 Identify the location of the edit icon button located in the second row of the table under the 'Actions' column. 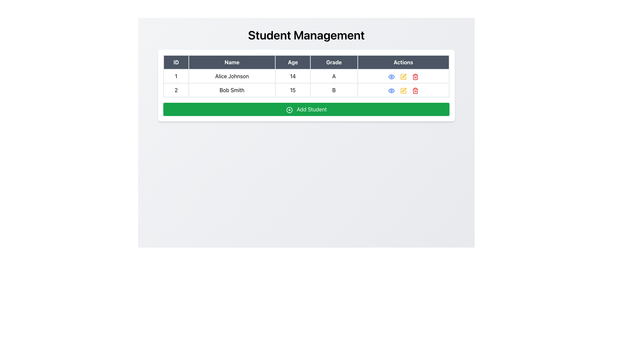
(403, 90).